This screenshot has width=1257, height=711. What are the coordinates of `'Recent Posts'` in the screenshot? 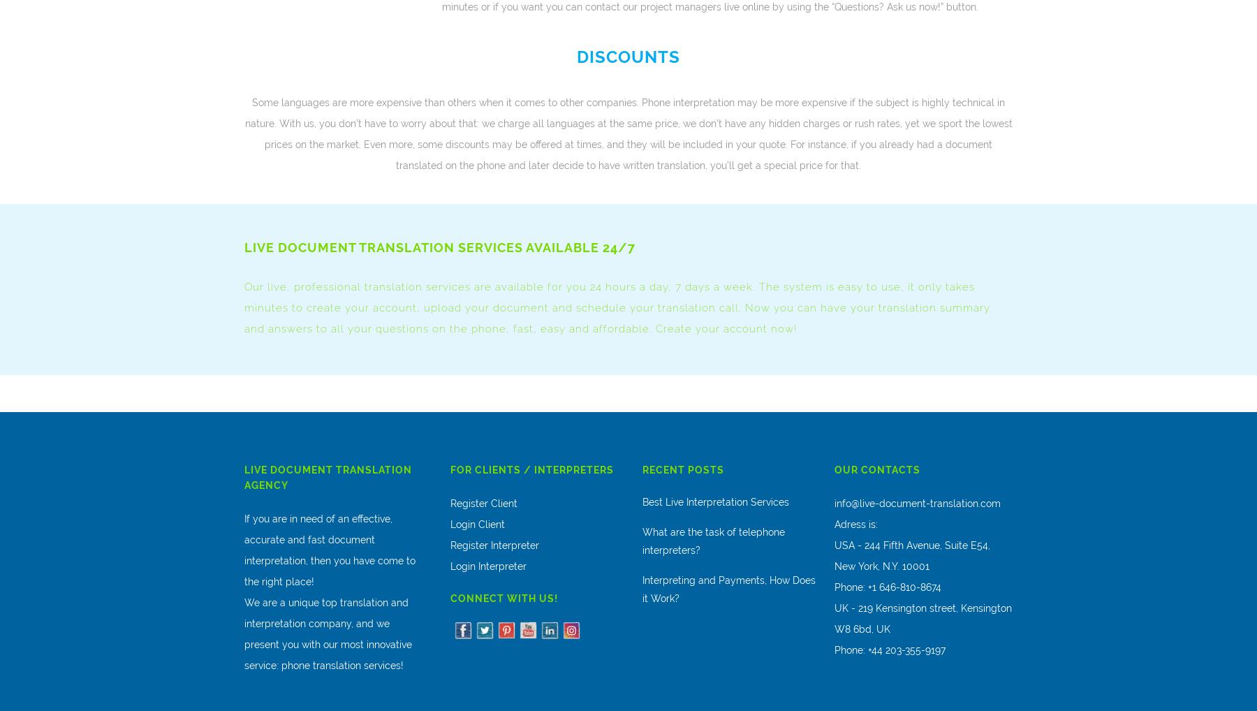 It's located at (682, 469).